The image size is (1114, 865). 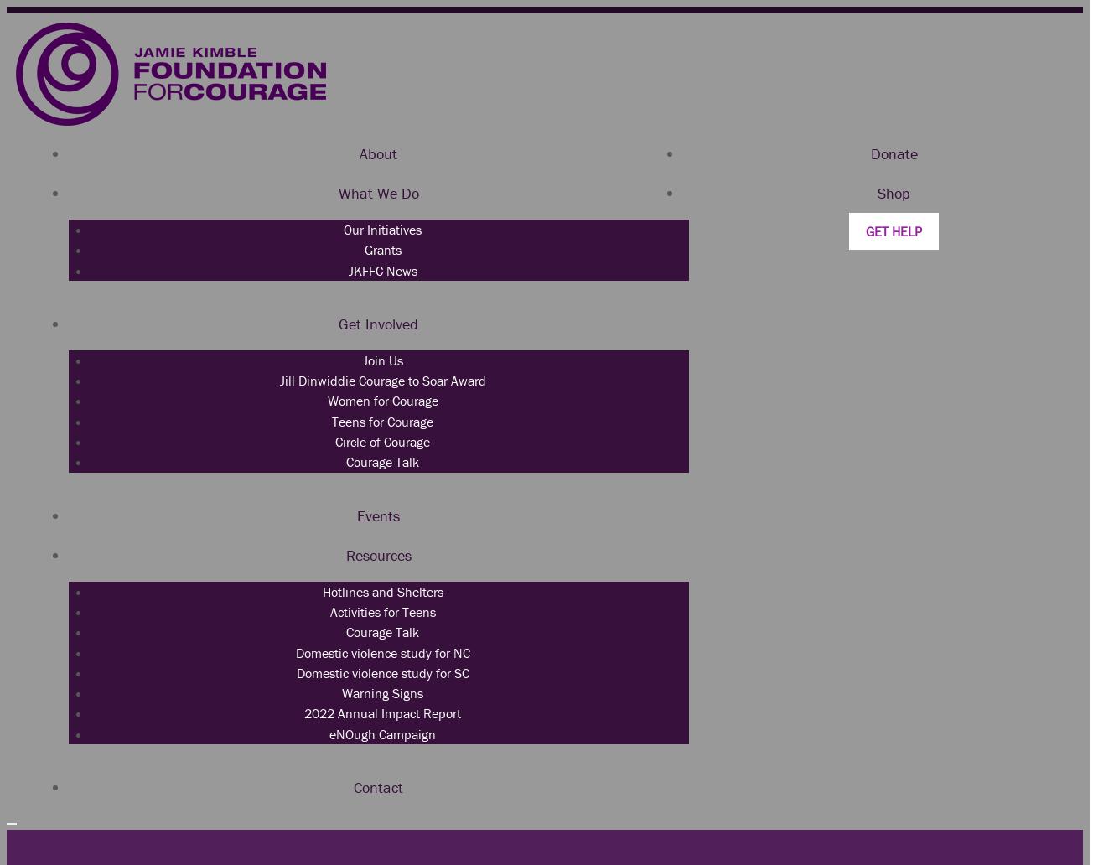 I want to click on 'Domestic violence study for NC', so click(x=381, y=652).